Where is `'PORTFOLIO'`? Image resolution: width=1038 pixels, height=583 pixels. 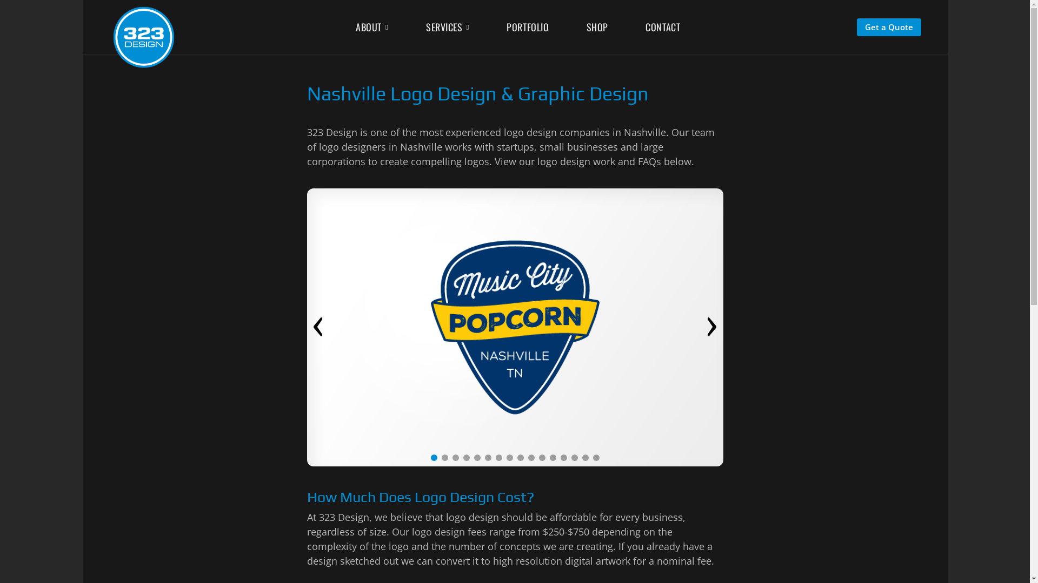
'PORTFOLIO' is located at coordinates (505, 26).